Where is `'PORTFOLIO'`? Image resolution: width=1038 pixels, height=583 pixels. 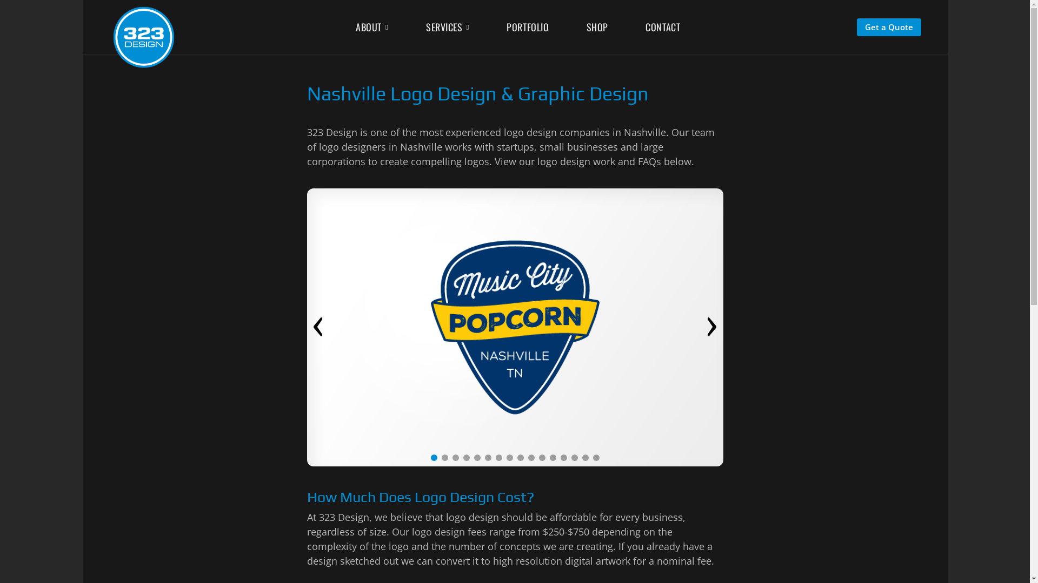
'PORTFOLIO' is located at coordinates (505, 26).